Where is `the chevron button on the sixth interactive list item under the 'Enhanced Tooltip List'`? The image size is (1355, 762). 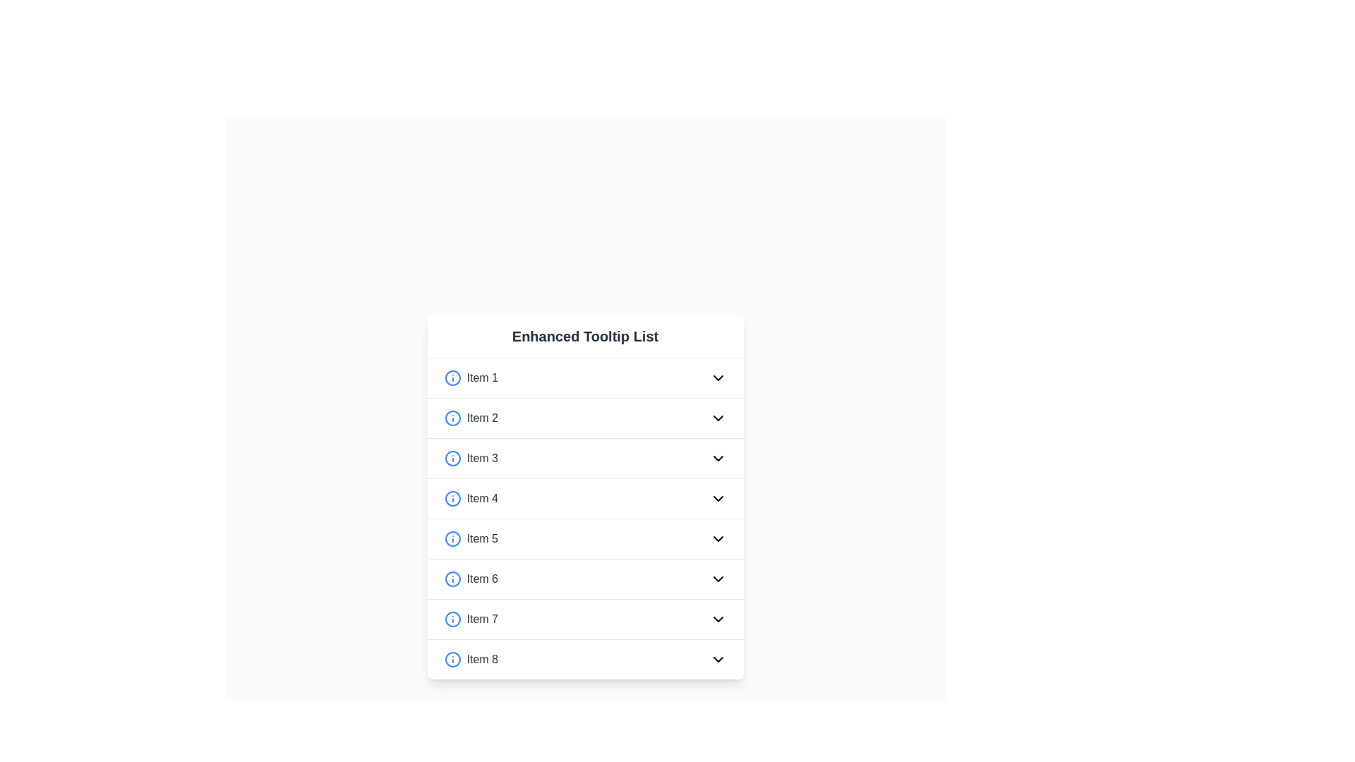 the chevron button on the sixth interactive list item under the 'Enhanced Tooltip List' is located at coordinates (585, 579).